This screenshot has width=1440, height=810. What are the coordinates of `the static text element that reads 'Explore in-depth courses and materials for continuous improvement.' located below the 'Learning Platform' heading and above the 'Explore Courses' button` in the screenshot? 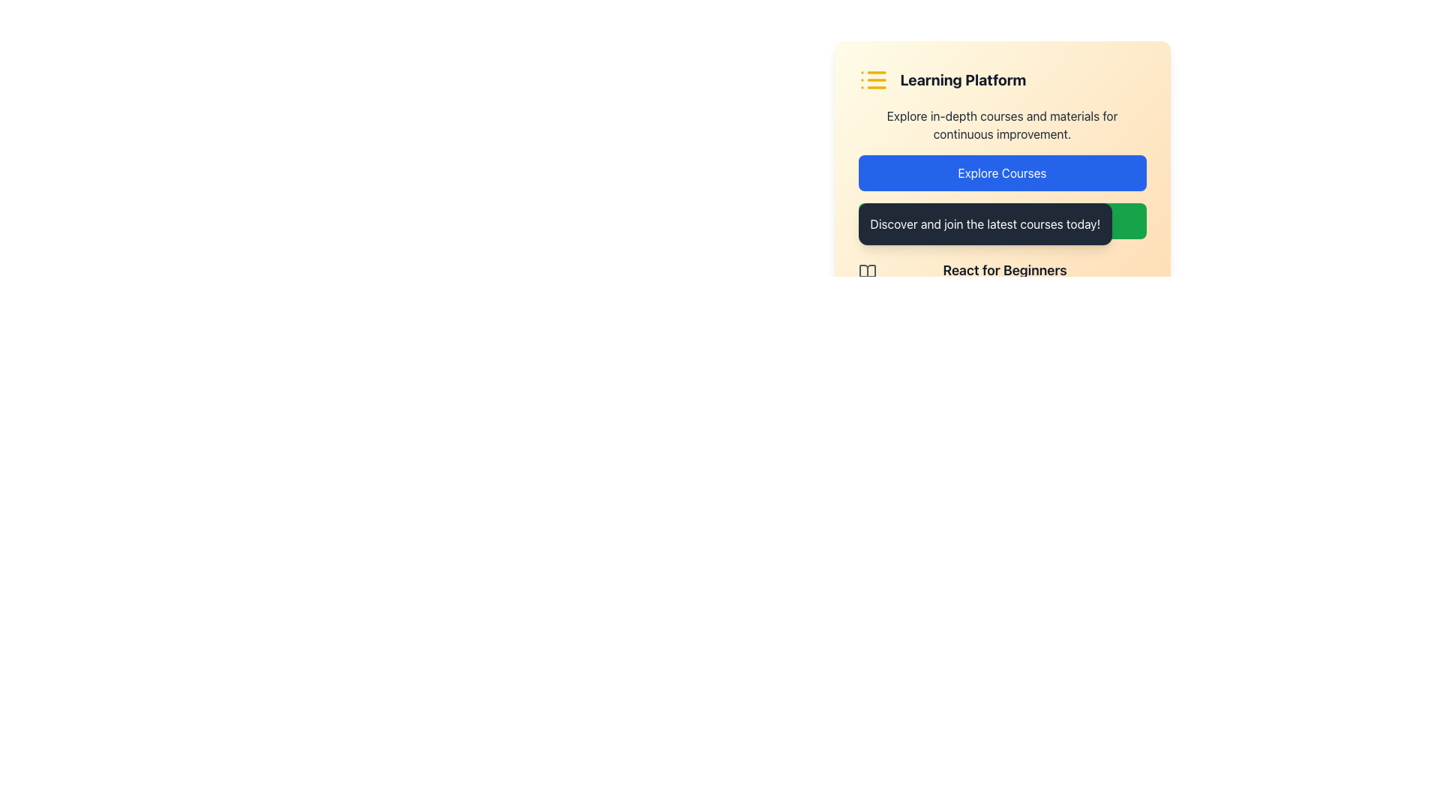 It's located at (1002, 124).